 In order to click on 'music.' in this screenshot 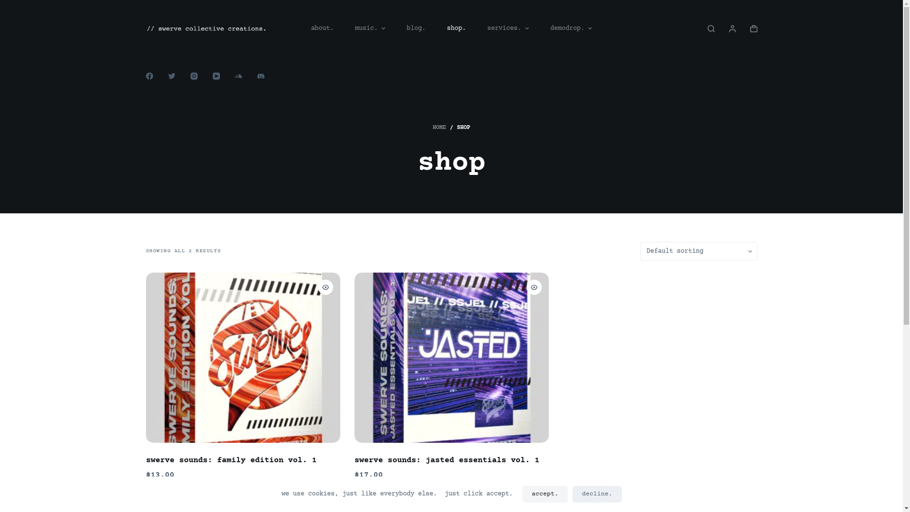, I will do `click(370, 28)`.